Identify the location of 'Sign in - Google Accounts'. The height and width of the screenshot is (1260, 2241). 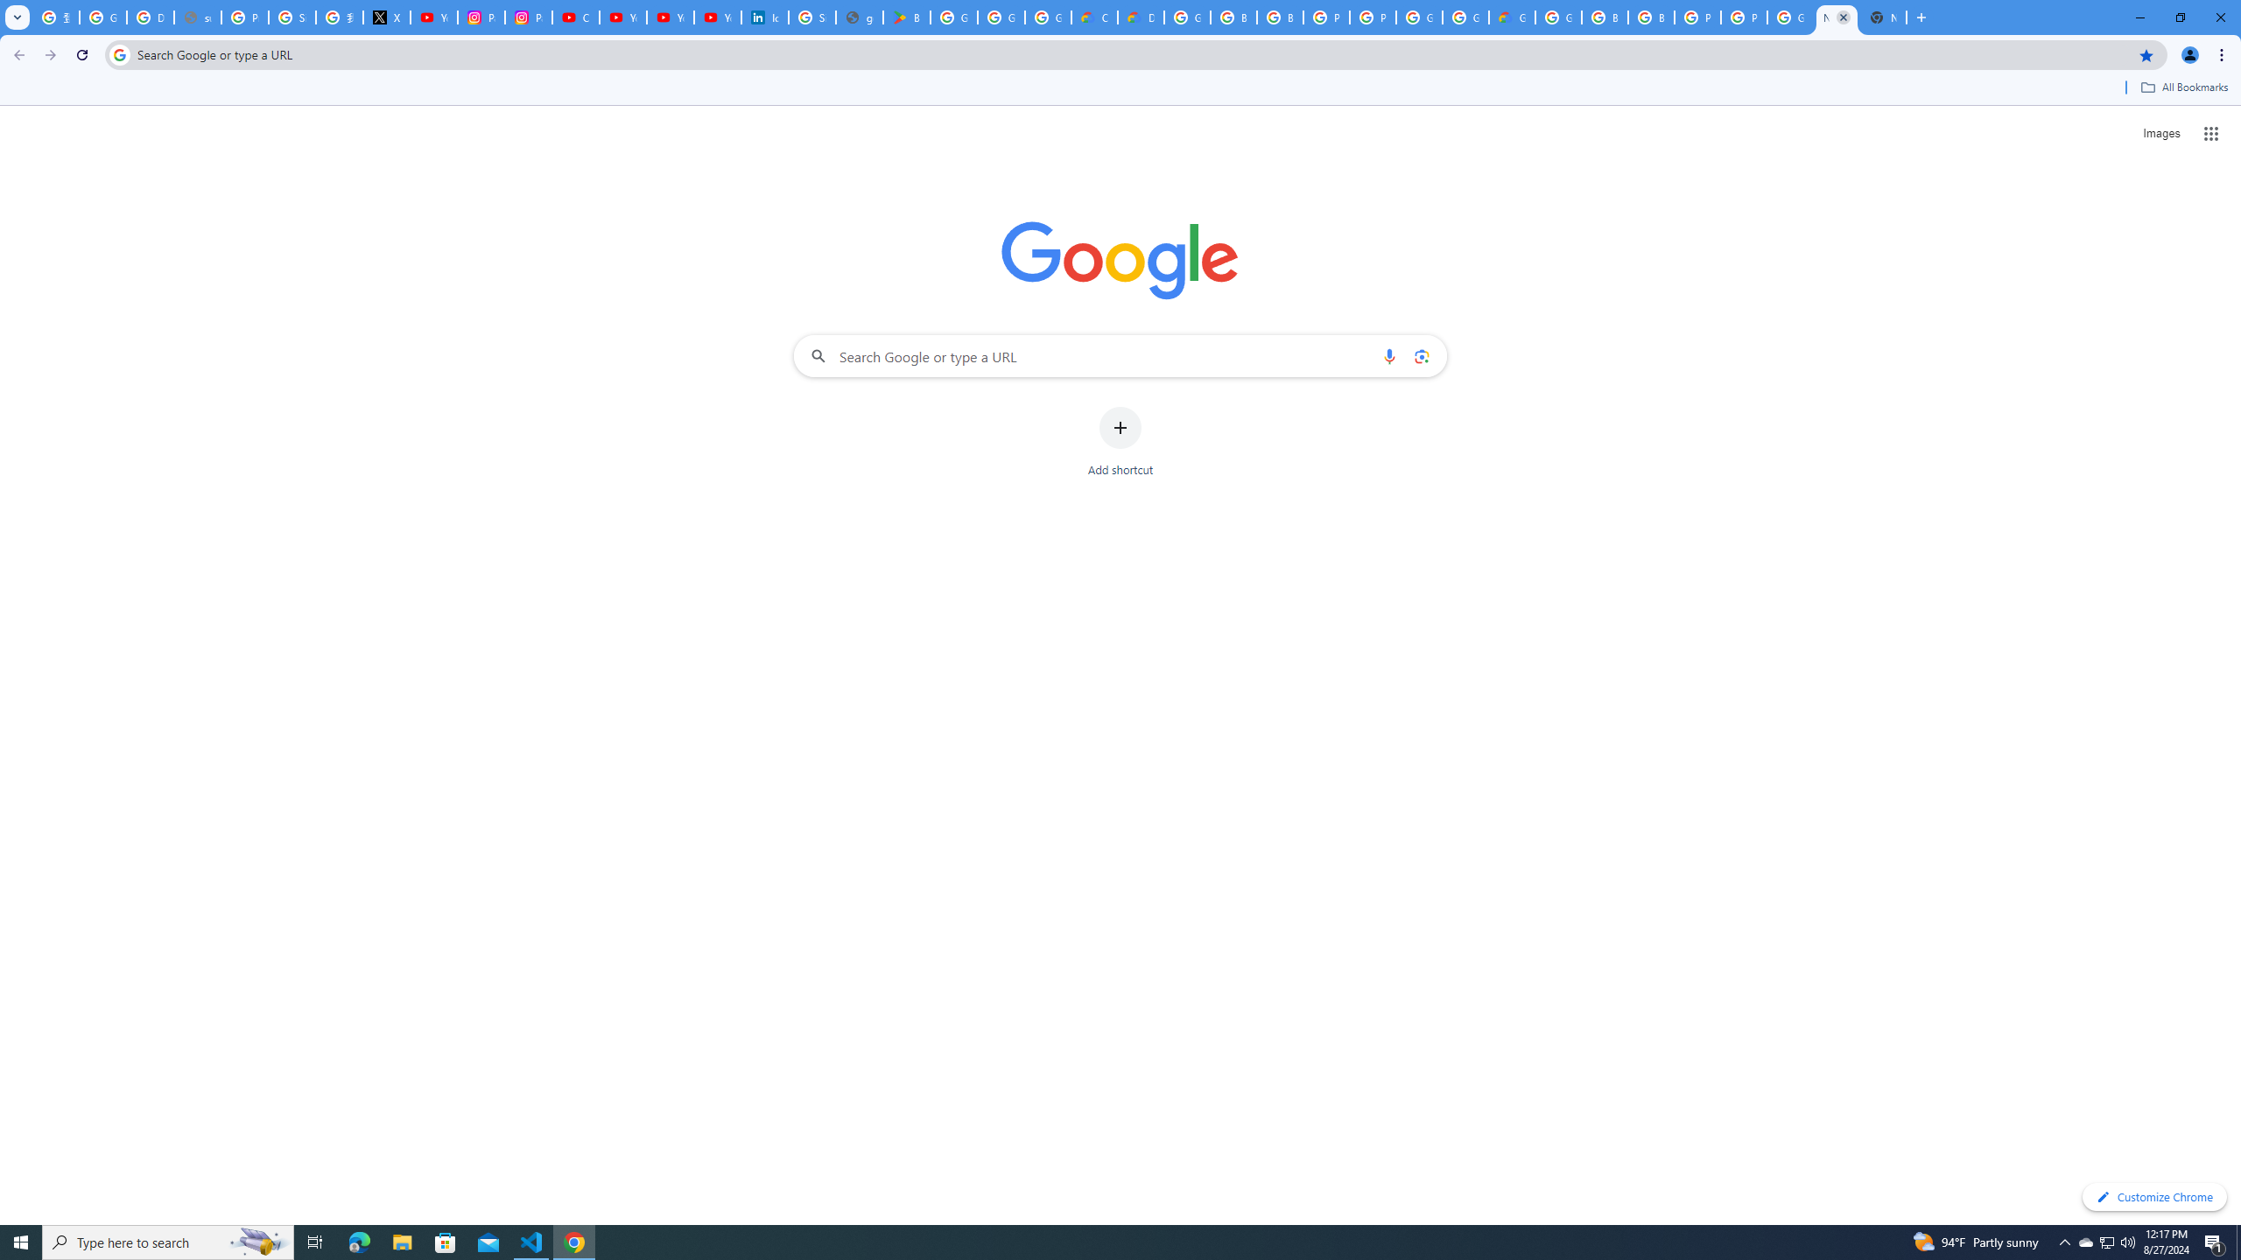
(292, 17).